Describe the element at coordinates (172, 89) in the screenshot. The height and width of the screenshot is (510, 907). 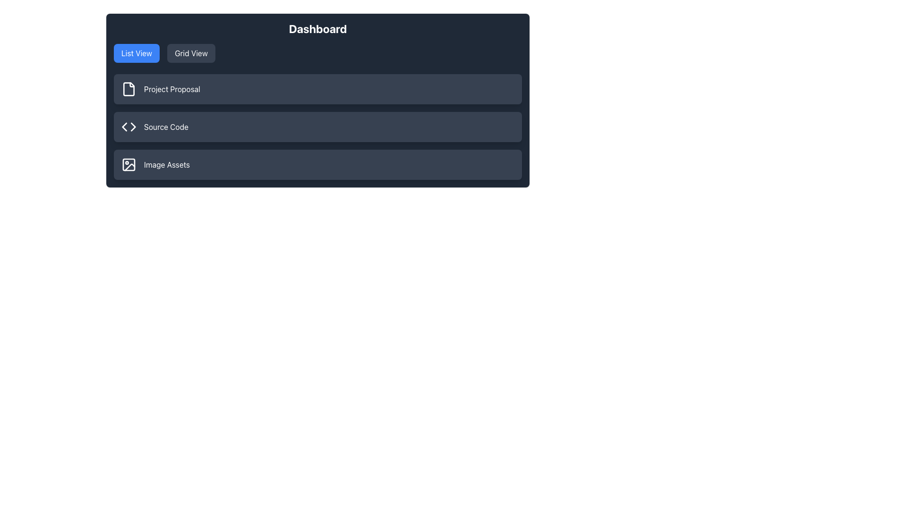
I see `the text label that identifies the content or function associated with the project proposal in the first row of the vertically stacked list, positioned to the right of a document file icon` at that location.